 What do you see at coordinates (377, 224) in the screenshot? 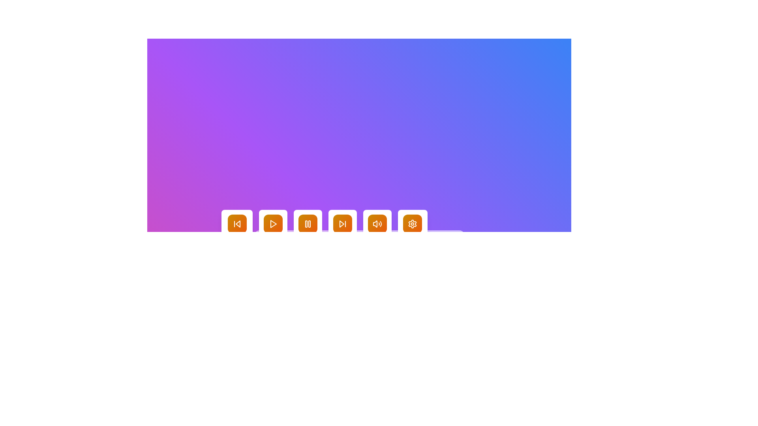
I see `the fifth button from the left in the bottom center row, which has a gradient orange background and a white speaker icon` at bounding box center [377, 224].